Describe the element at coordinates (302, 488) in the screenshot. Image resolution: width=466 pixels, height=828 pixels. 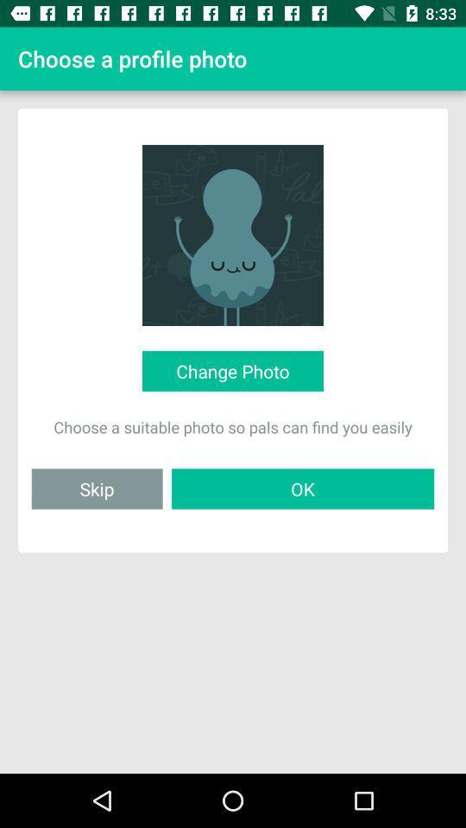
I see `the item next to skip` at that location.